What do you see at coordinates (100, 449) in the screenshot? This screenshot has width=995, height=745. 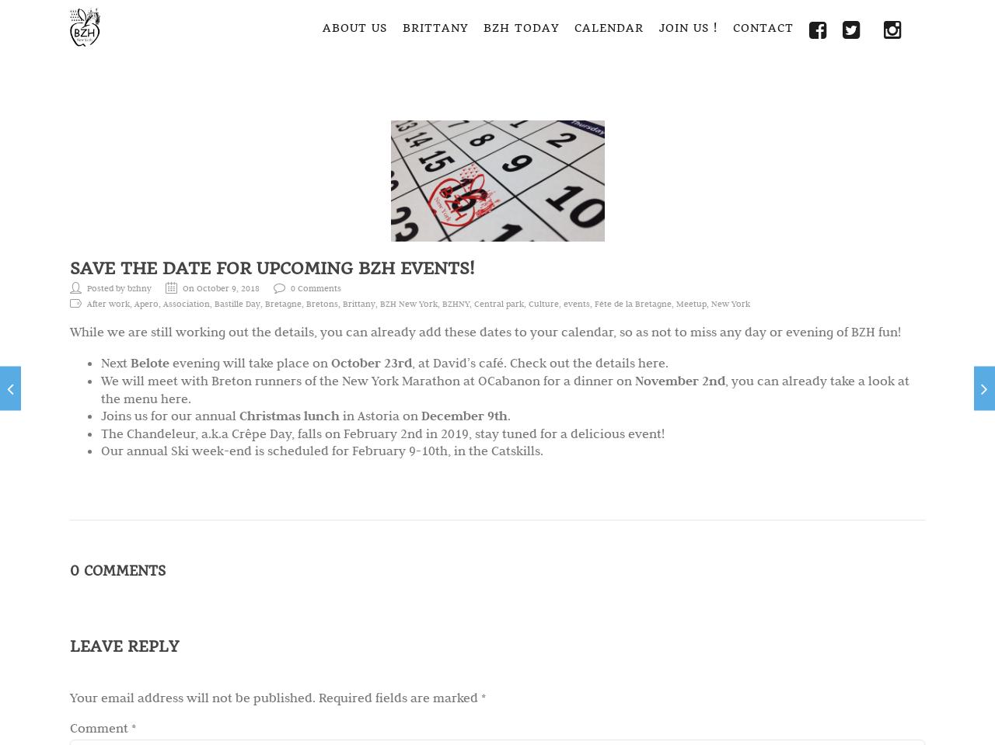 I see `'Our annual Ski week-end is scheduled for February 9-10th, in the Catskills.'` at bounding box center [100, 449].